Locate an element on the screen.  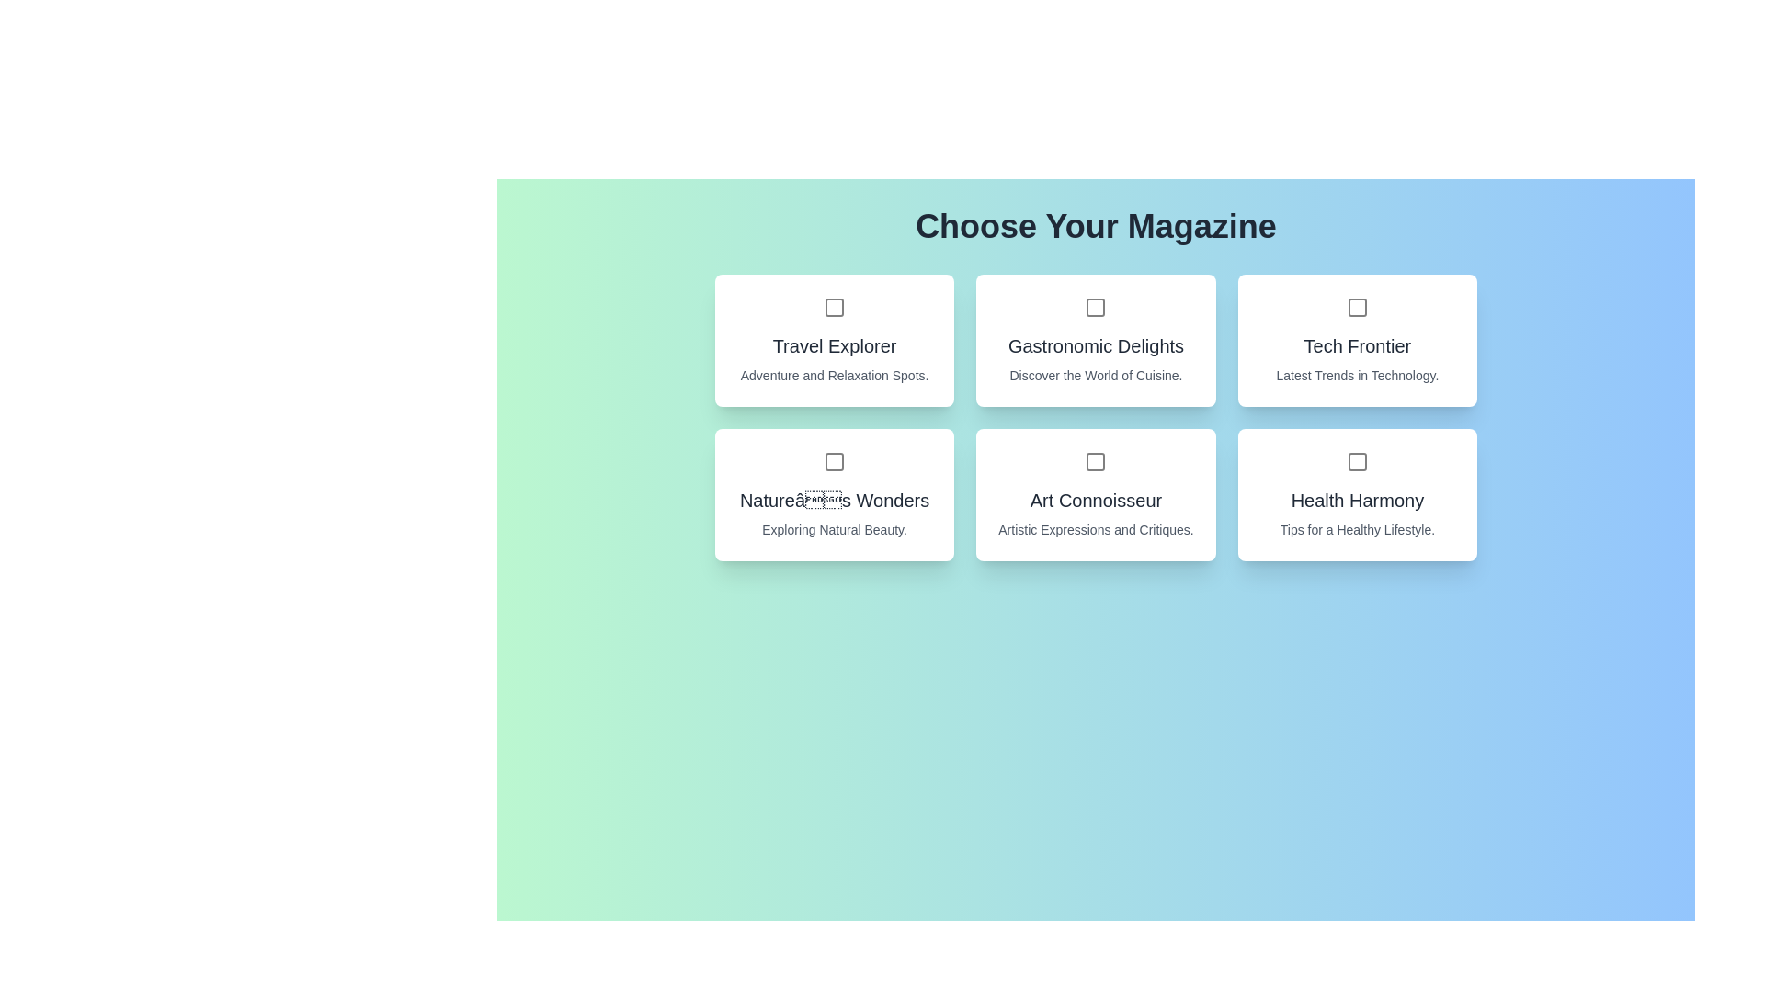
the magazine card titled 'Travel Explorer' to observe its hover effect is located at coordinates (833, 340).